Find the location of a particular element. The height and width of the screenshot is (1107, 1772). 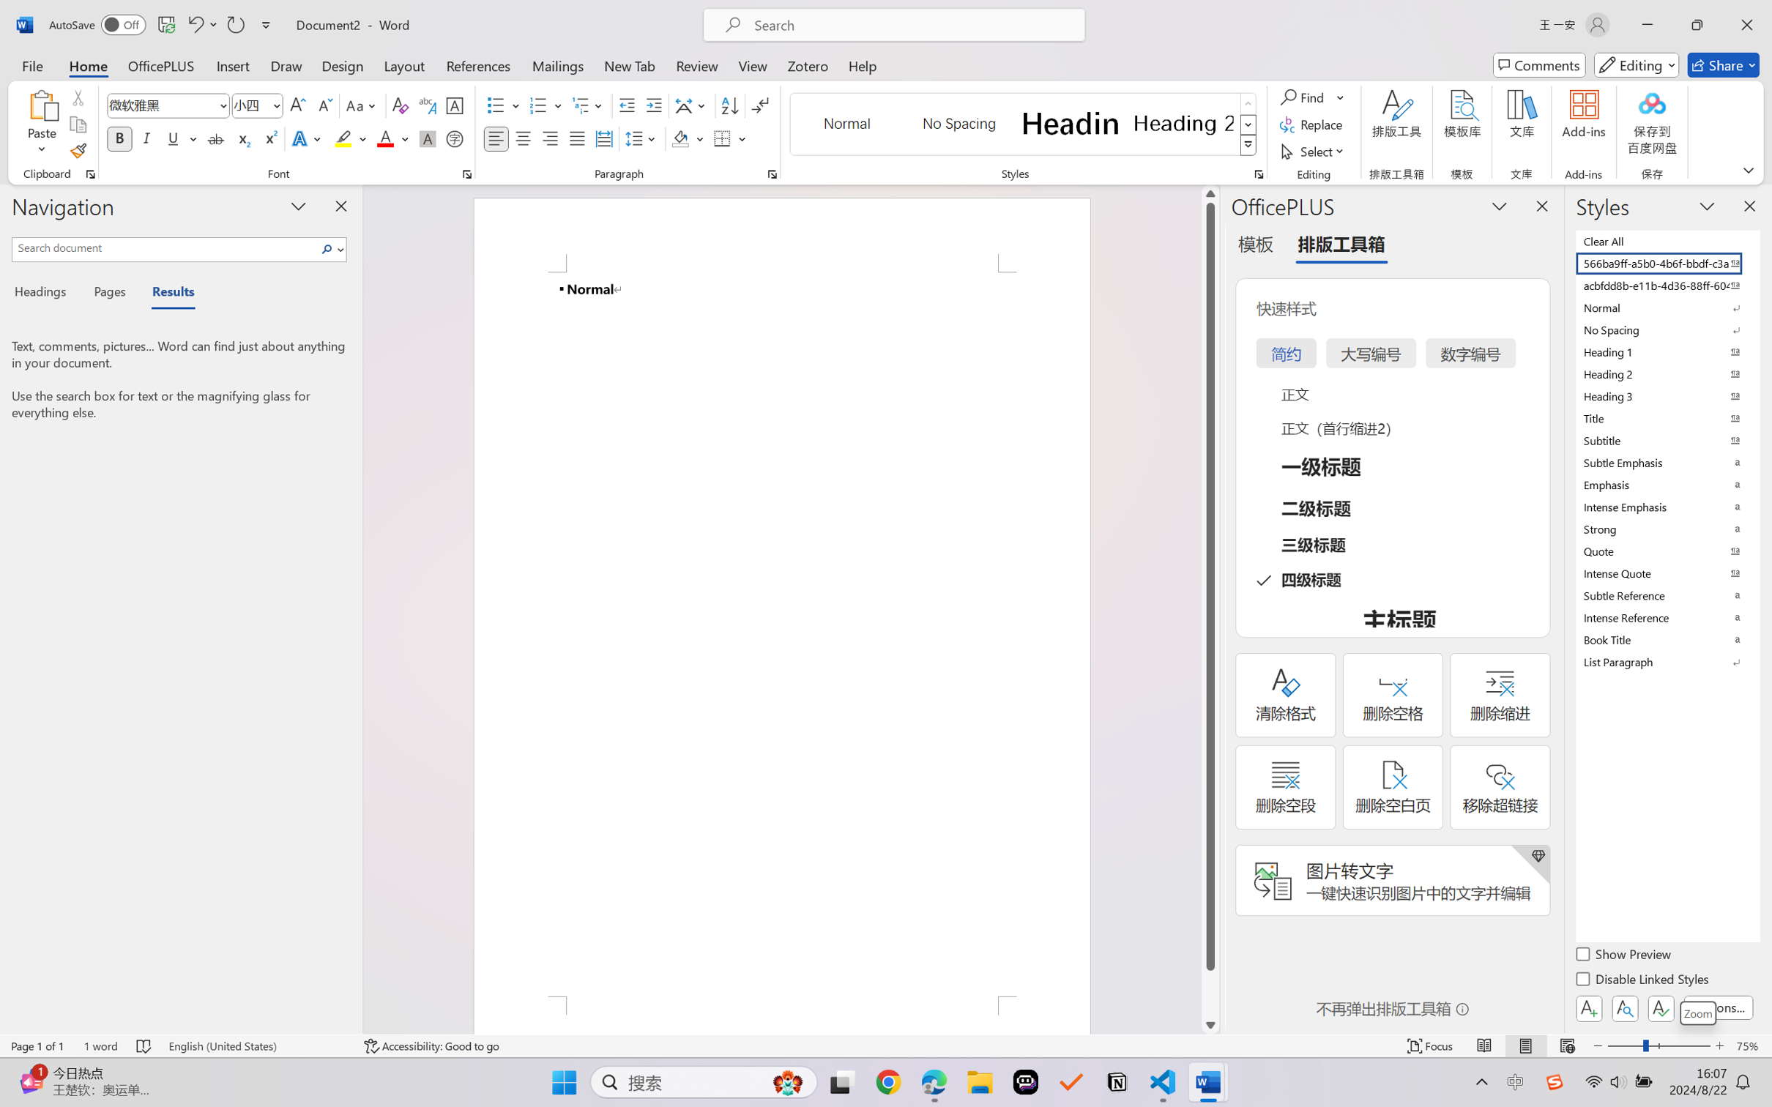

'Intense Reference' is located at coordinates (1666, 617).